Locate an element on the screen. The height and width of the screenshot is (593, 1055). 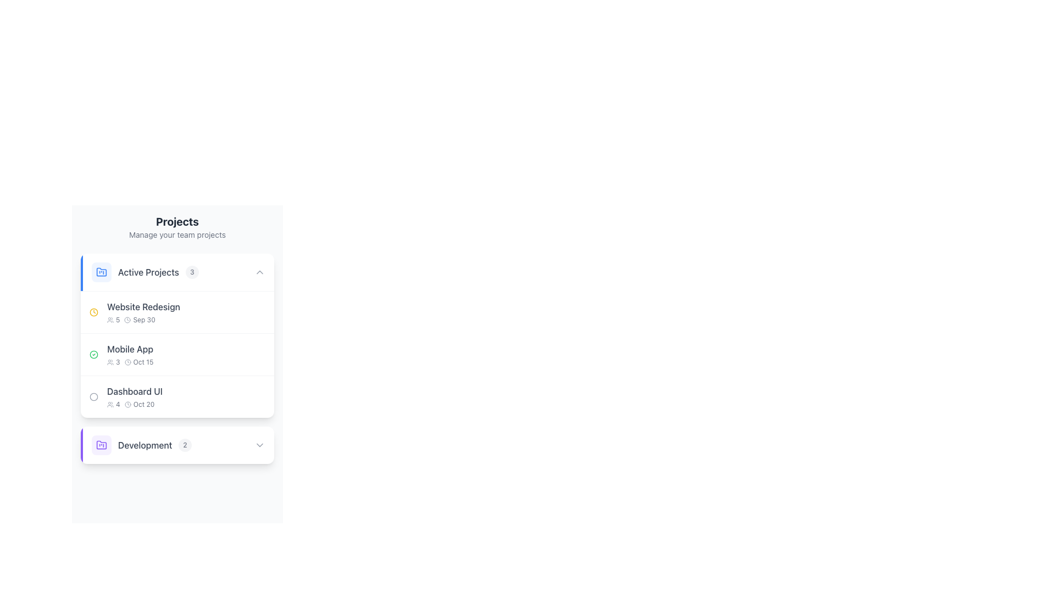
the Circle or SVG graphical element located at the bottom-right corner of the 'Dashboard UI' in the 'Active Projects' list, which serves as a decorative or status indicator is located at coordinates (257, 396).